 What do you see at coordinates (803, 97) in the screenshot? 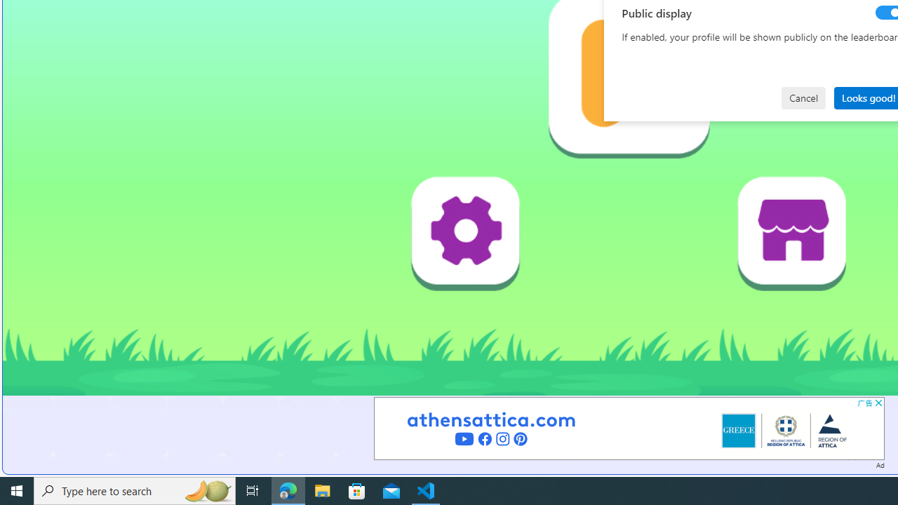
I see `'Cancel'` at bounding box center [803, 97].